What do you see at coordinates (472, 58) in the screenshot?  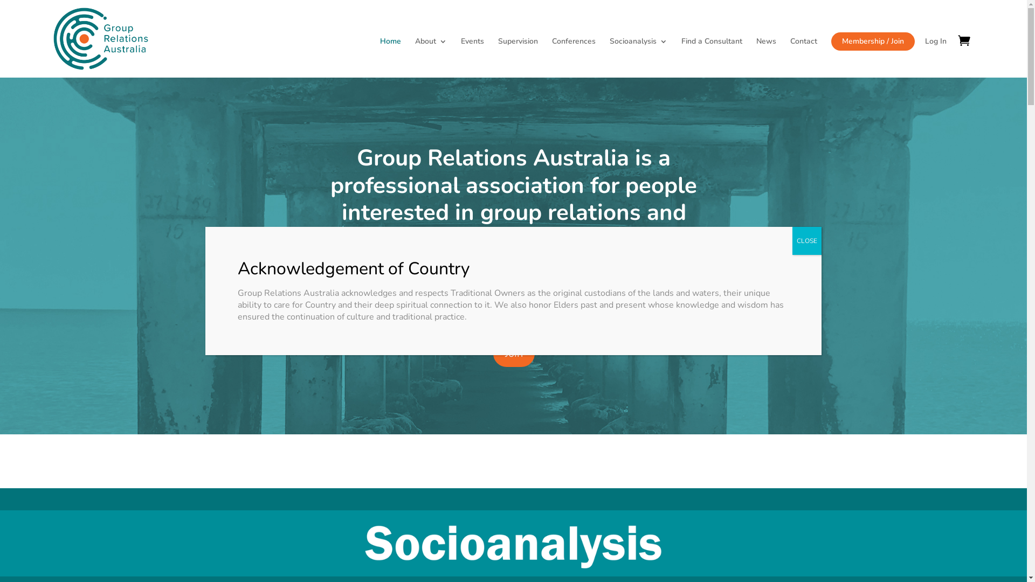 I see `'Events'` at bounding box center [472, 58].